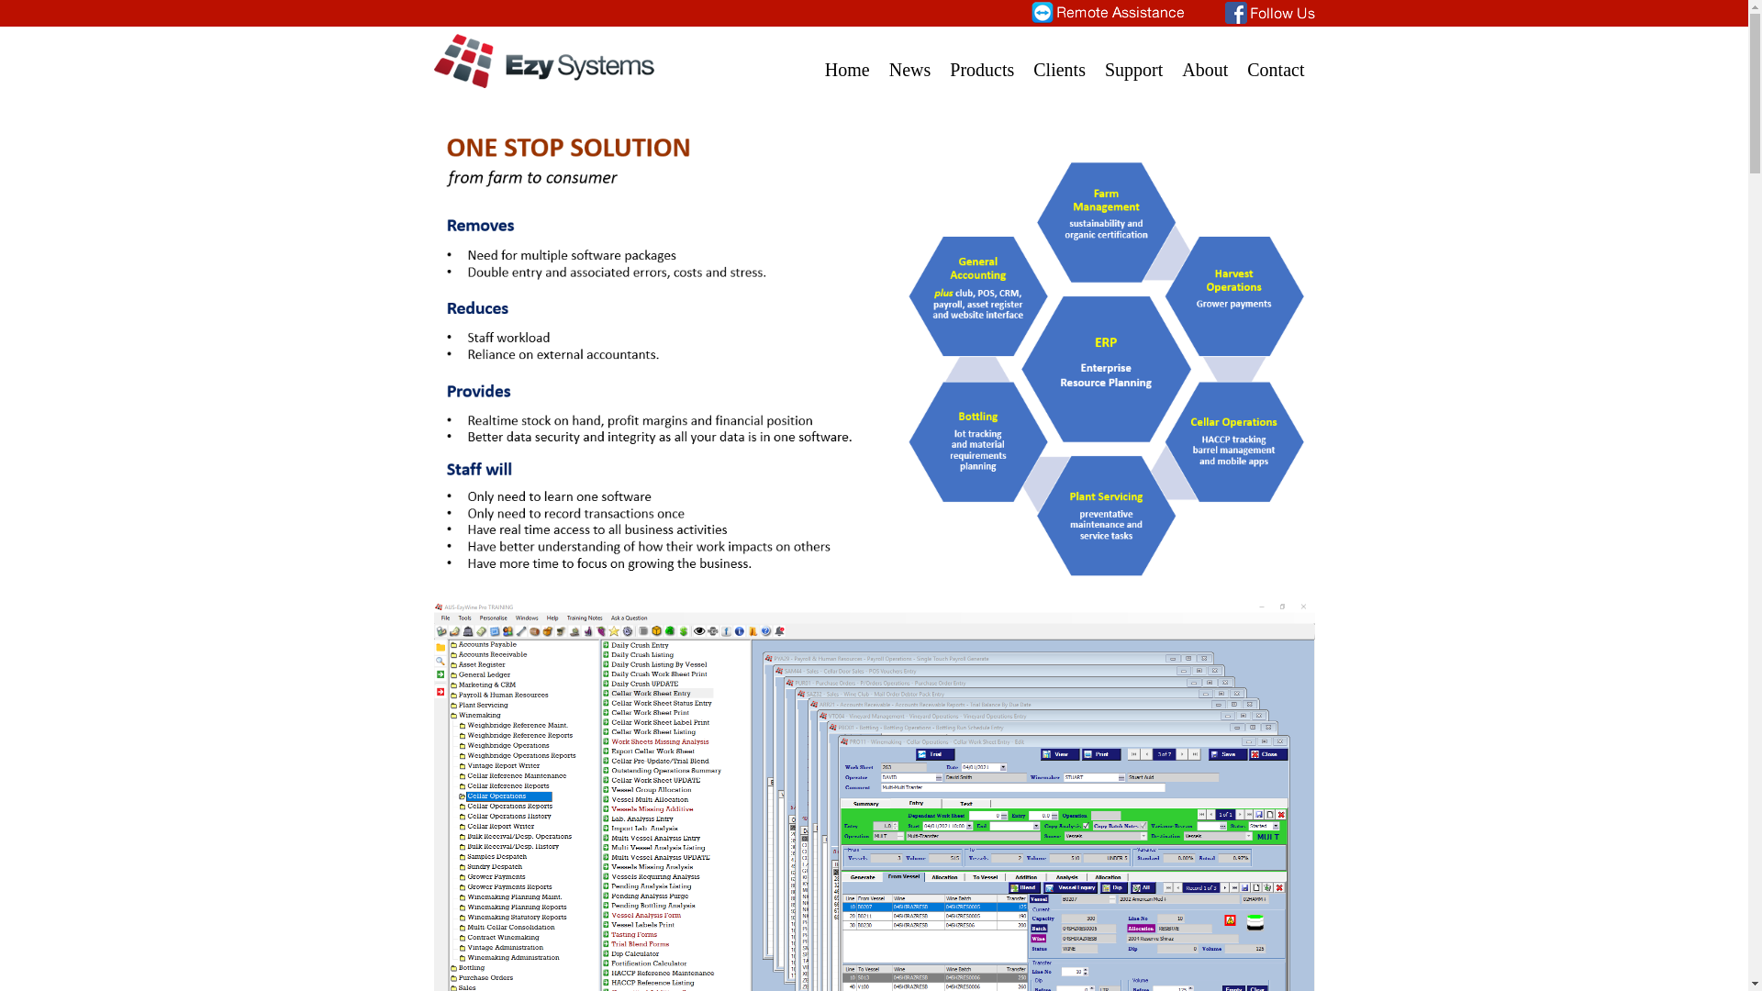 This screenshot has height=991, width=1762. What do you see at coordinates (910, 58) in the screenshot?
I see `'News'` at bounding box center [910, 58].